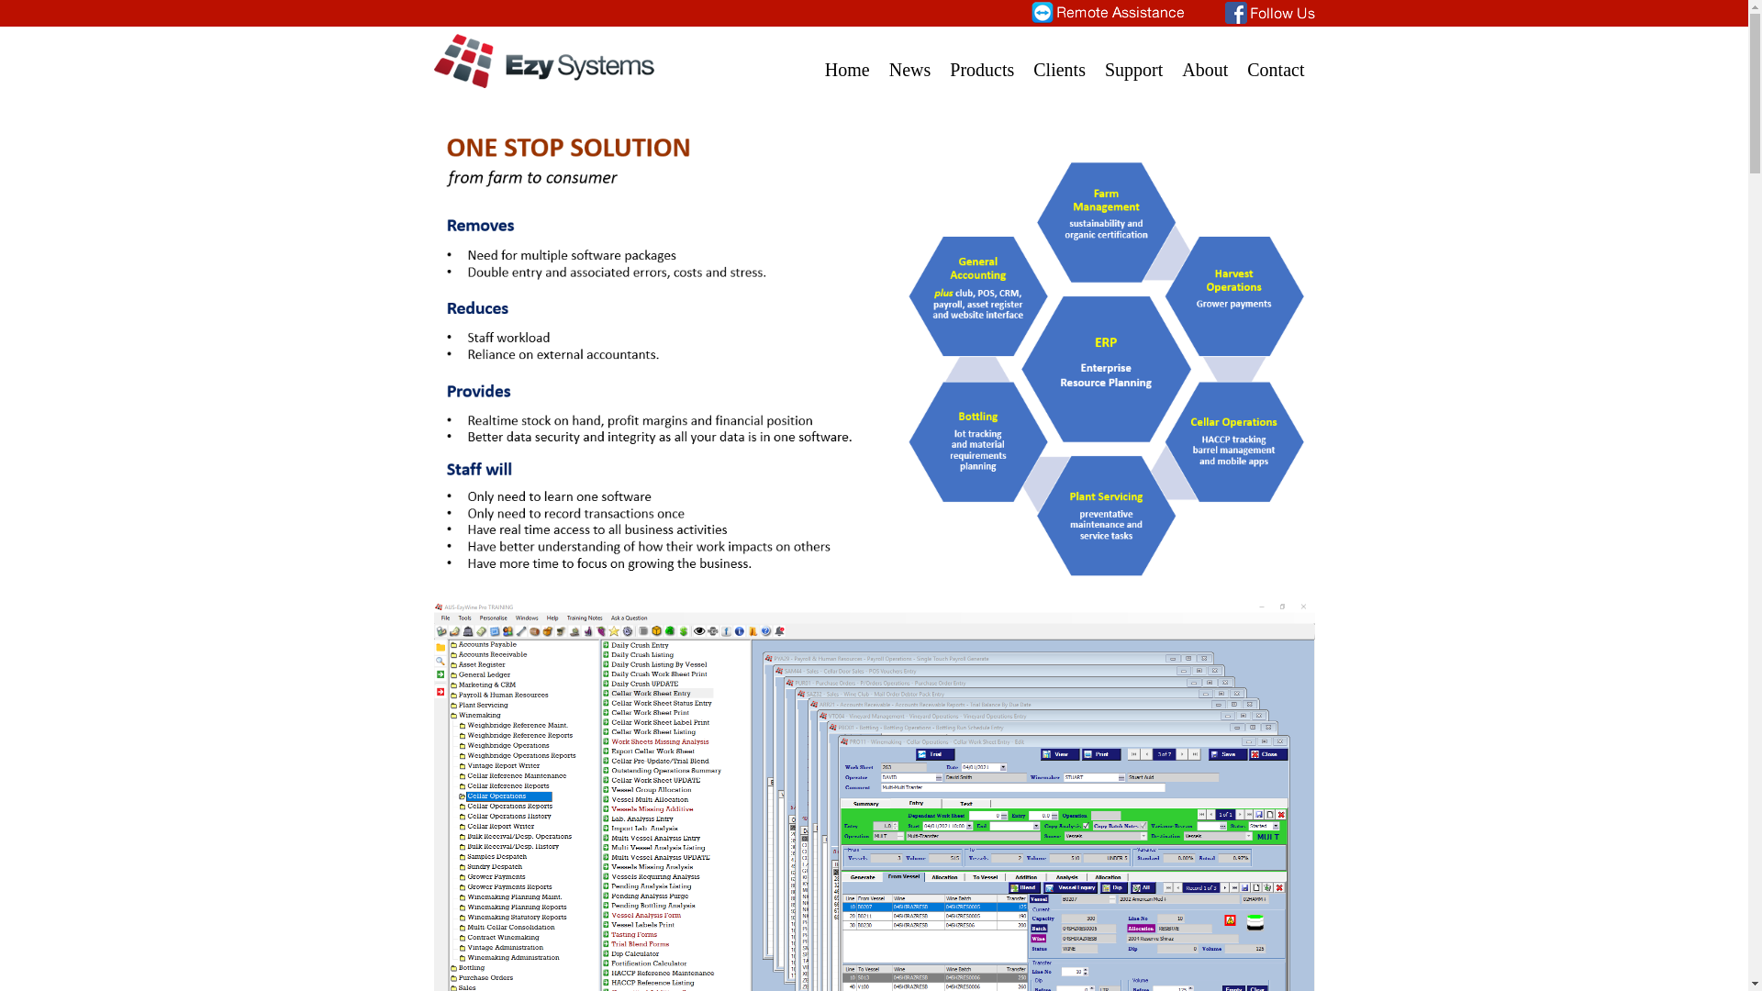 This screenshot has height=991, width=1762. What do you see at coordinates (910, 58) in the screenshot?
I see `'News'` at bounding box center [910, 58].